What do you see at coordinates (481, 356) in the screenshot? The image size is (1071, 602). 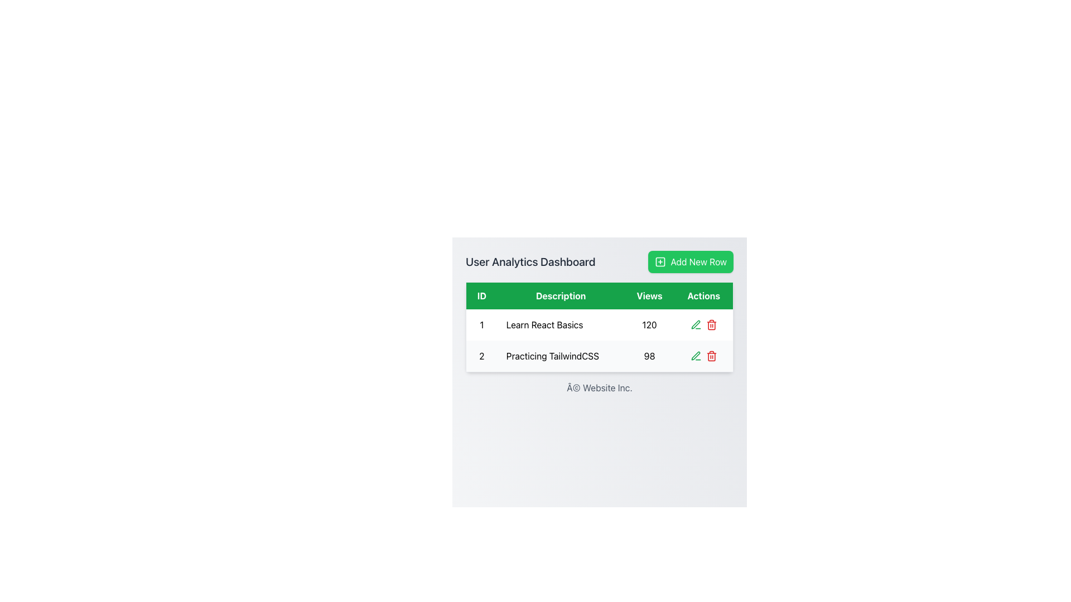 I see `the numerical text display showing '2', located in the first cell of the second row under the 'ID' column of a data table` at bounding box center [481, 356].